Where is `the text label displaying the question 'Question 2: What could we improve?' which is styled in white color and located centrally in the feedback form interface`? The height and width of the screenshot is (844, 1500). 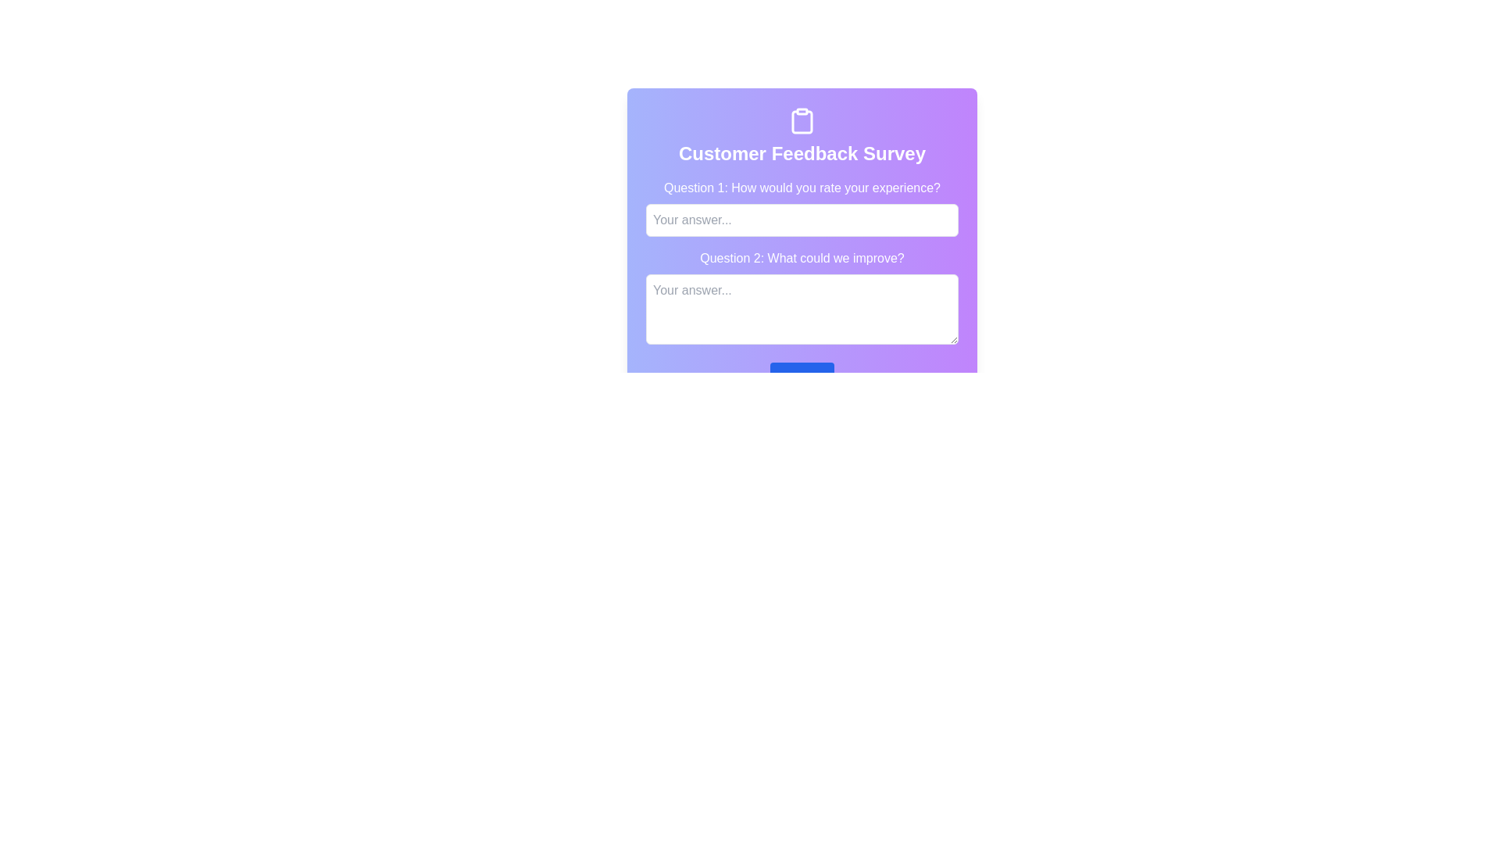 the text label displaying the question 'Question 2: What could we improve?' which is styled in white color and located centrally in the feedback form interface is located at coordinates (802, 258).